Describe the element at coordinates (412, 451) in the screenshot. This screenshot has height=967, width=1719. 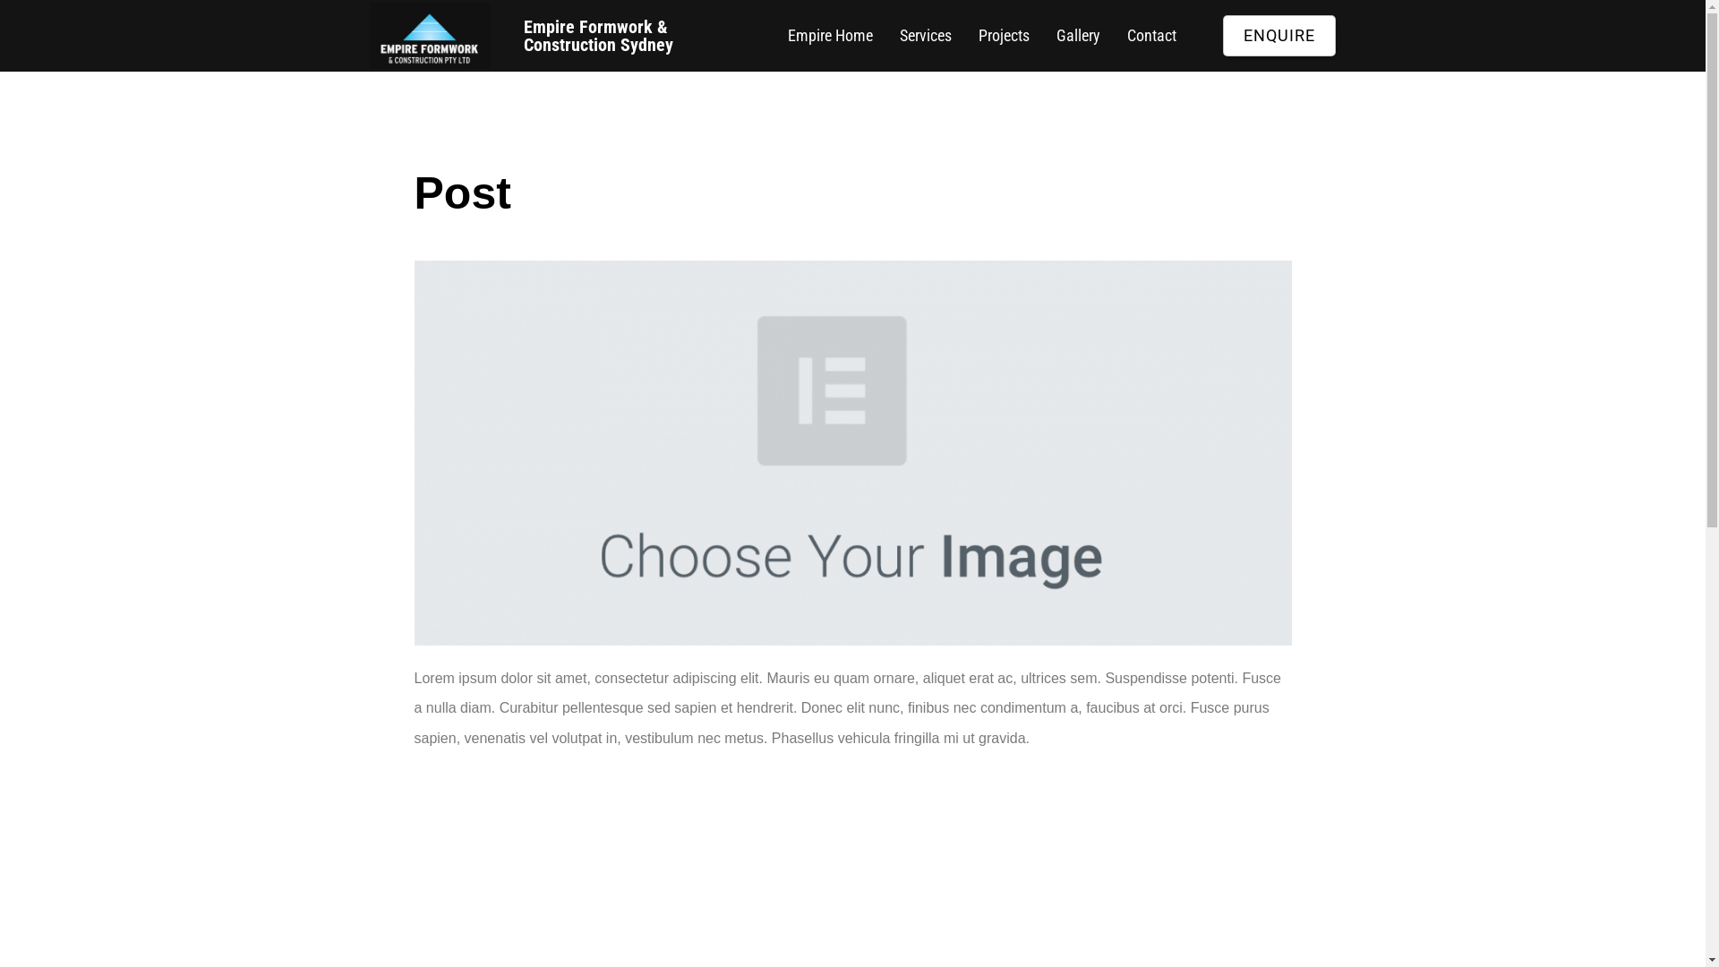
I see `'placeholder.png'` at that location.